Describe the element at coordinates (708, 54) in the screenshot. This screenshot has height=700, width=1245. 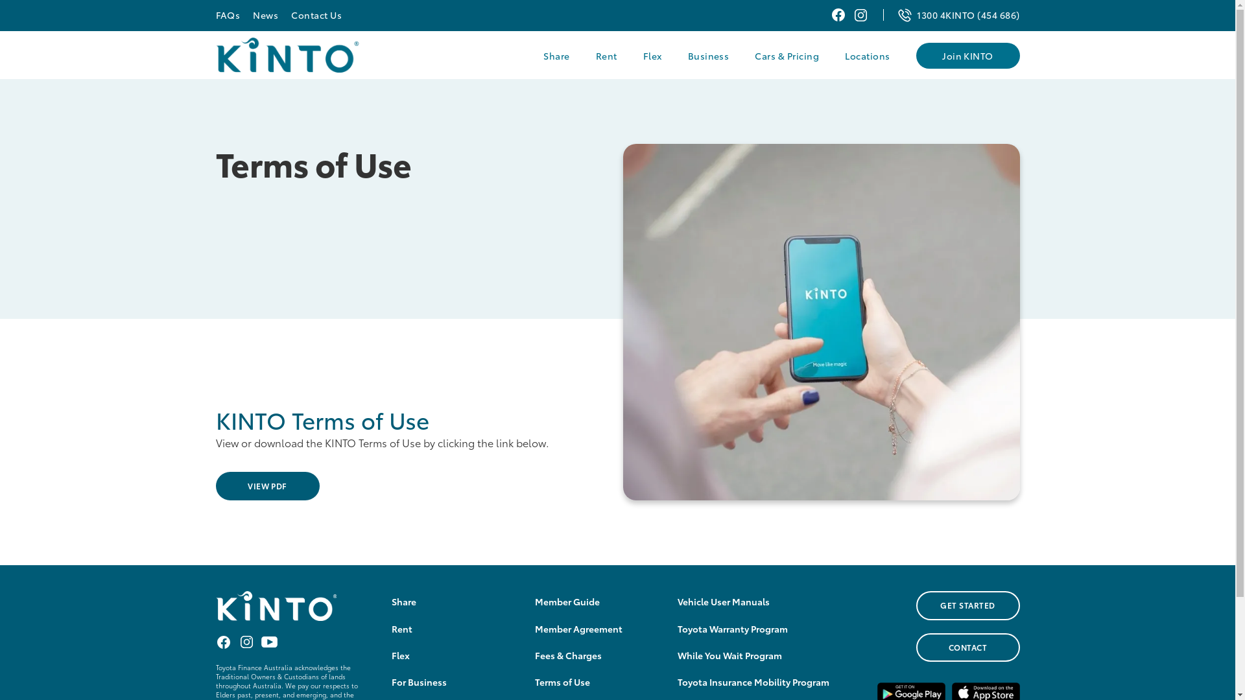
I see `'Business'` at that location.